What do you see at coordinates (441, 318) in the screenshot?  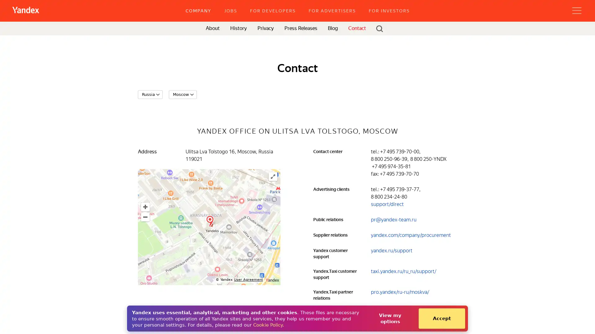 I see `Accept` at bounding box center [441, 318].